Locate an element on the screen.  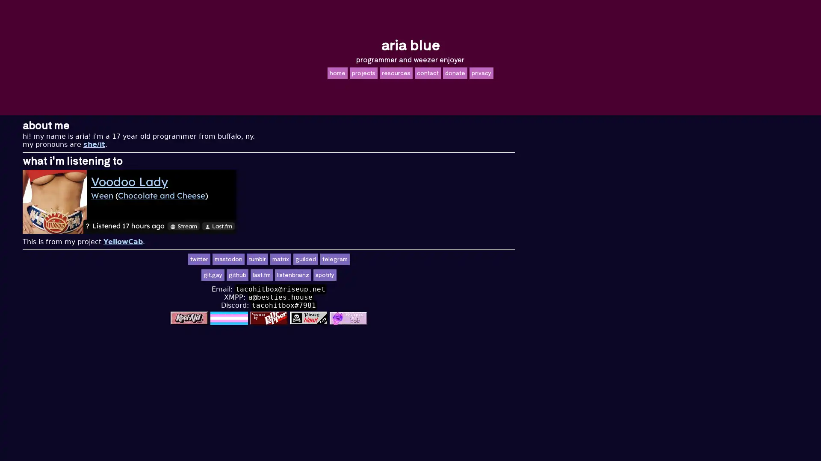
git.gay is located at coordinates (354, 275).